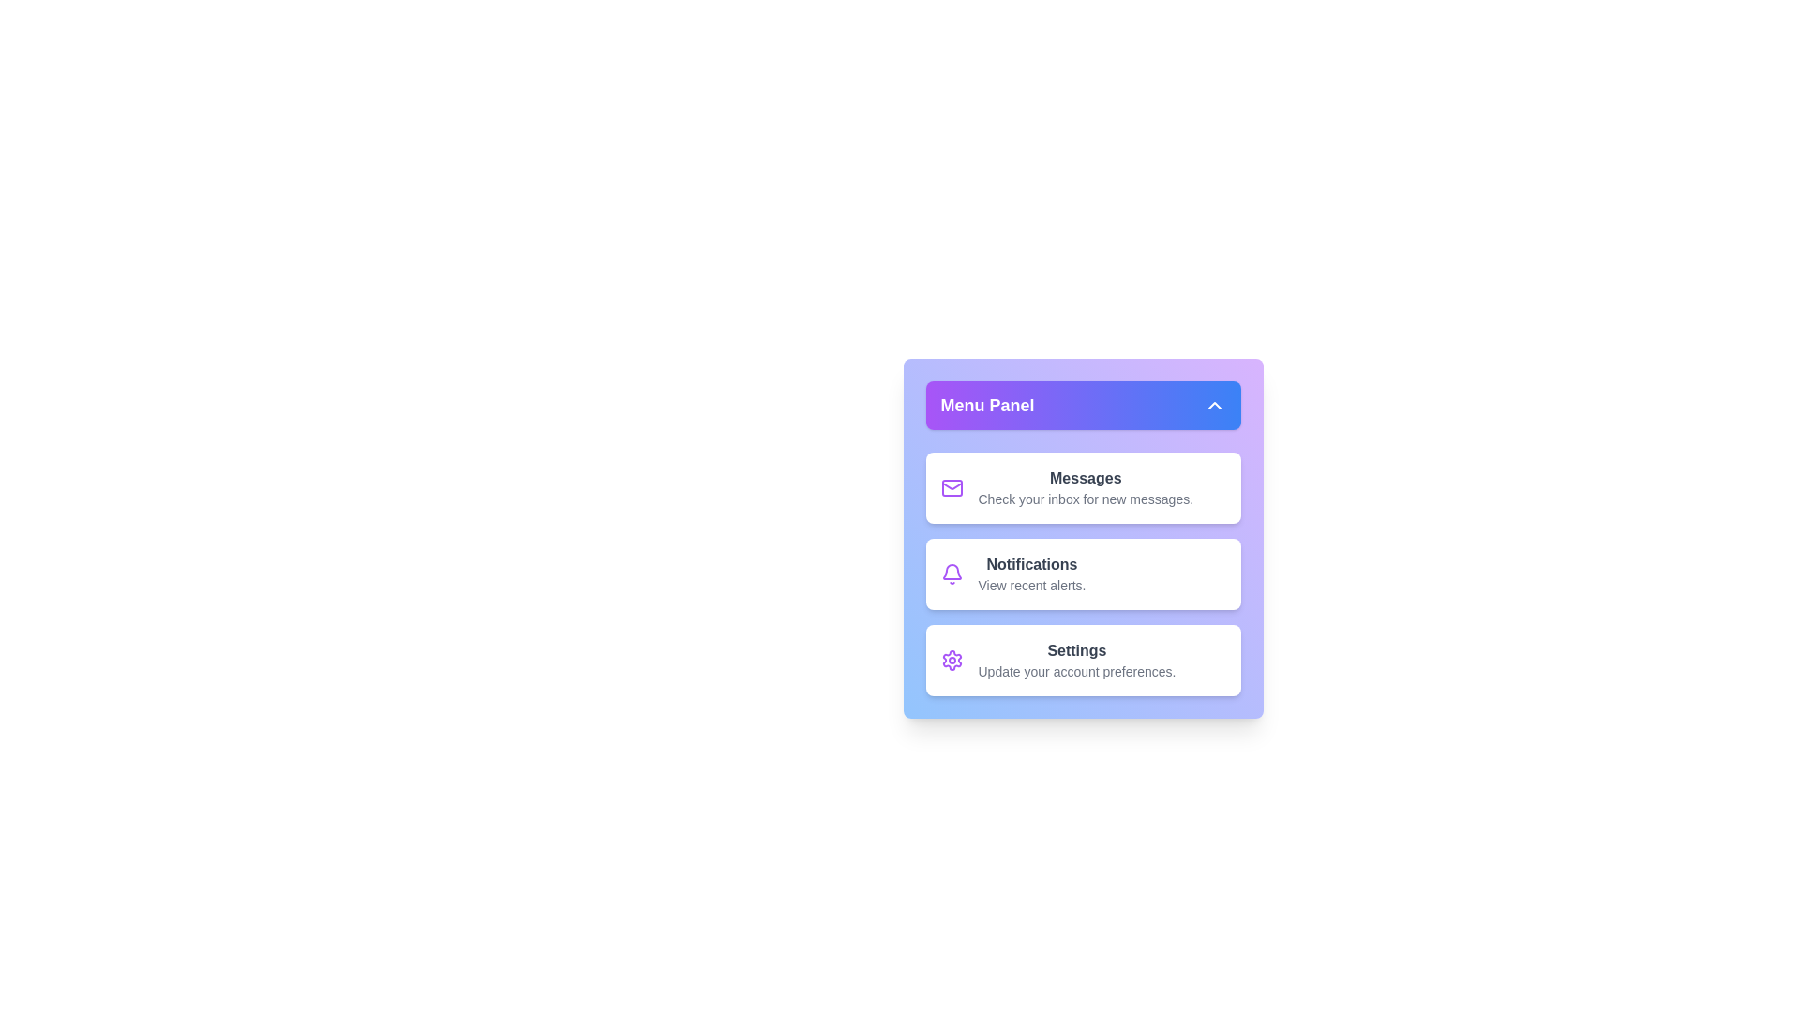 The image size is (1800, 1012). Describe the element at coordinates (952, 486) in the screenshot. I see `the icon of the menu item labeled Messages` at that location.